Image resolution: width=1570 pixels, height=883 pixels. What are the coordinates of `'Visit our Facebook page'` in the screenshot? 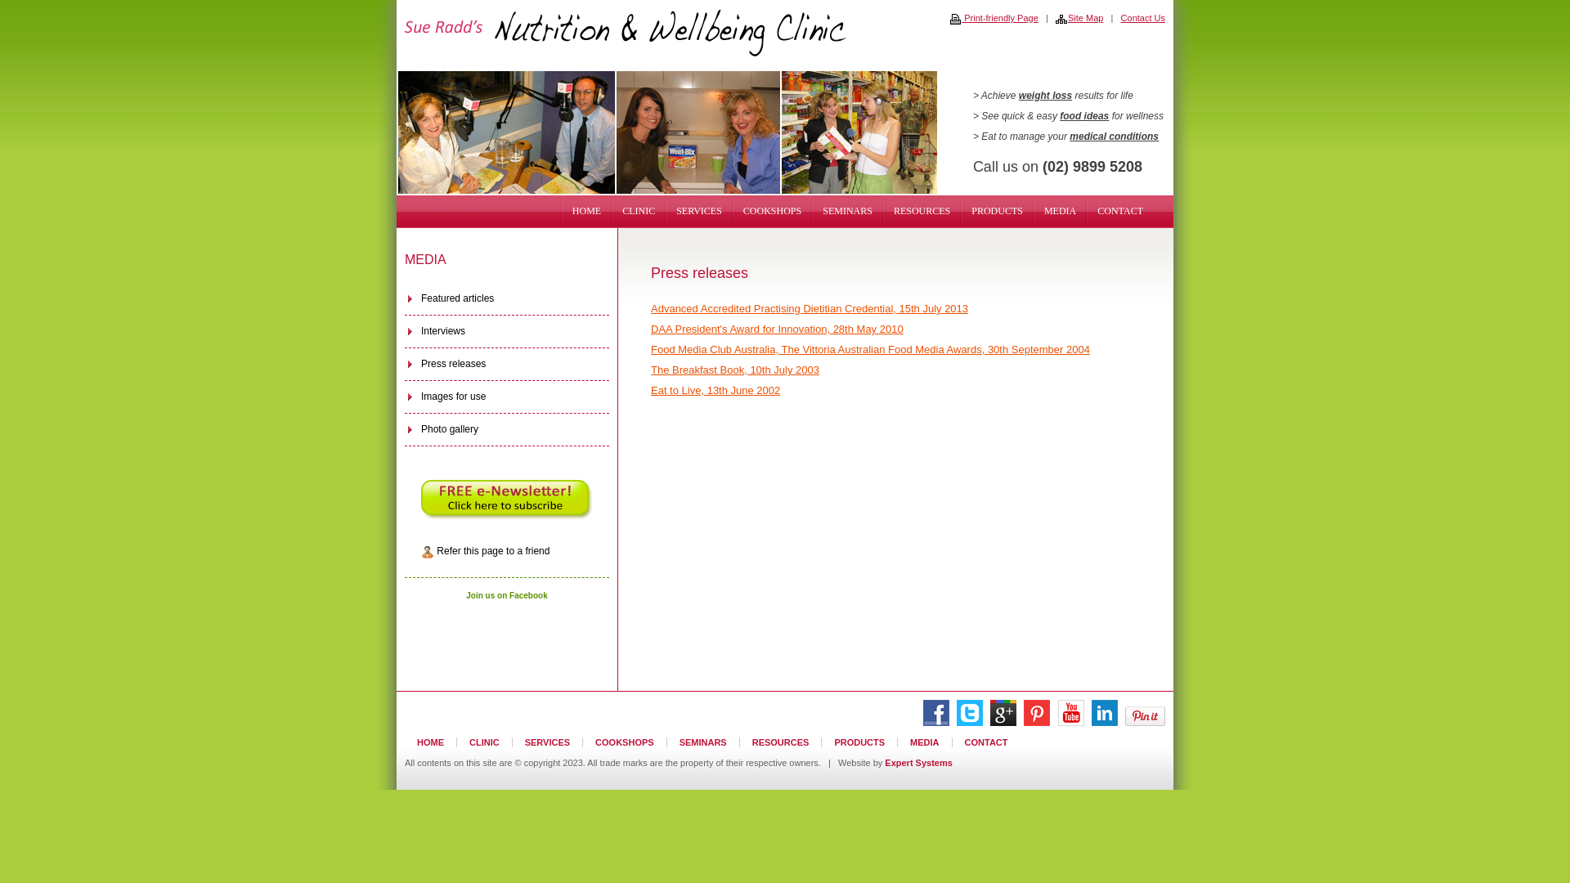 It's located at (936, 721).